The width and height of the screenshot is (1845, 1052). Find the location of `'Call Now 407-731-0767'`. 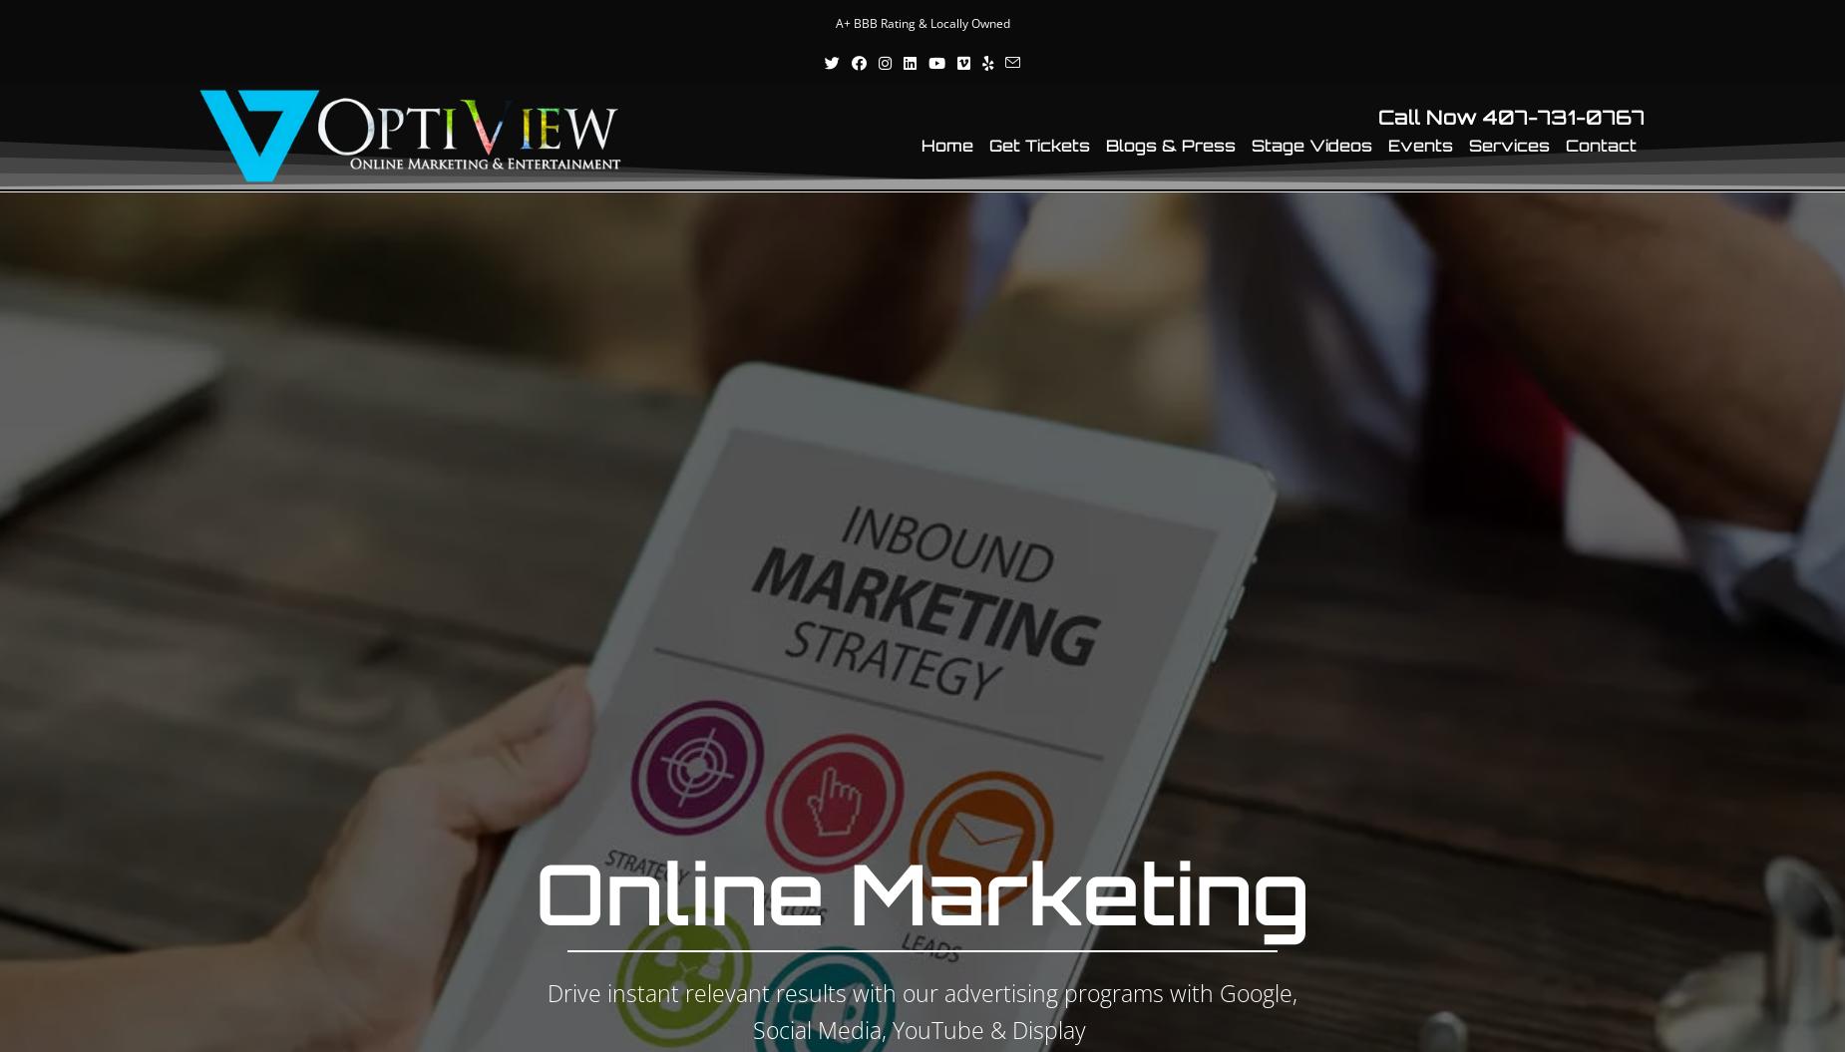

'Call Now 407-731-0767' is located at coordinates (1511, 116).